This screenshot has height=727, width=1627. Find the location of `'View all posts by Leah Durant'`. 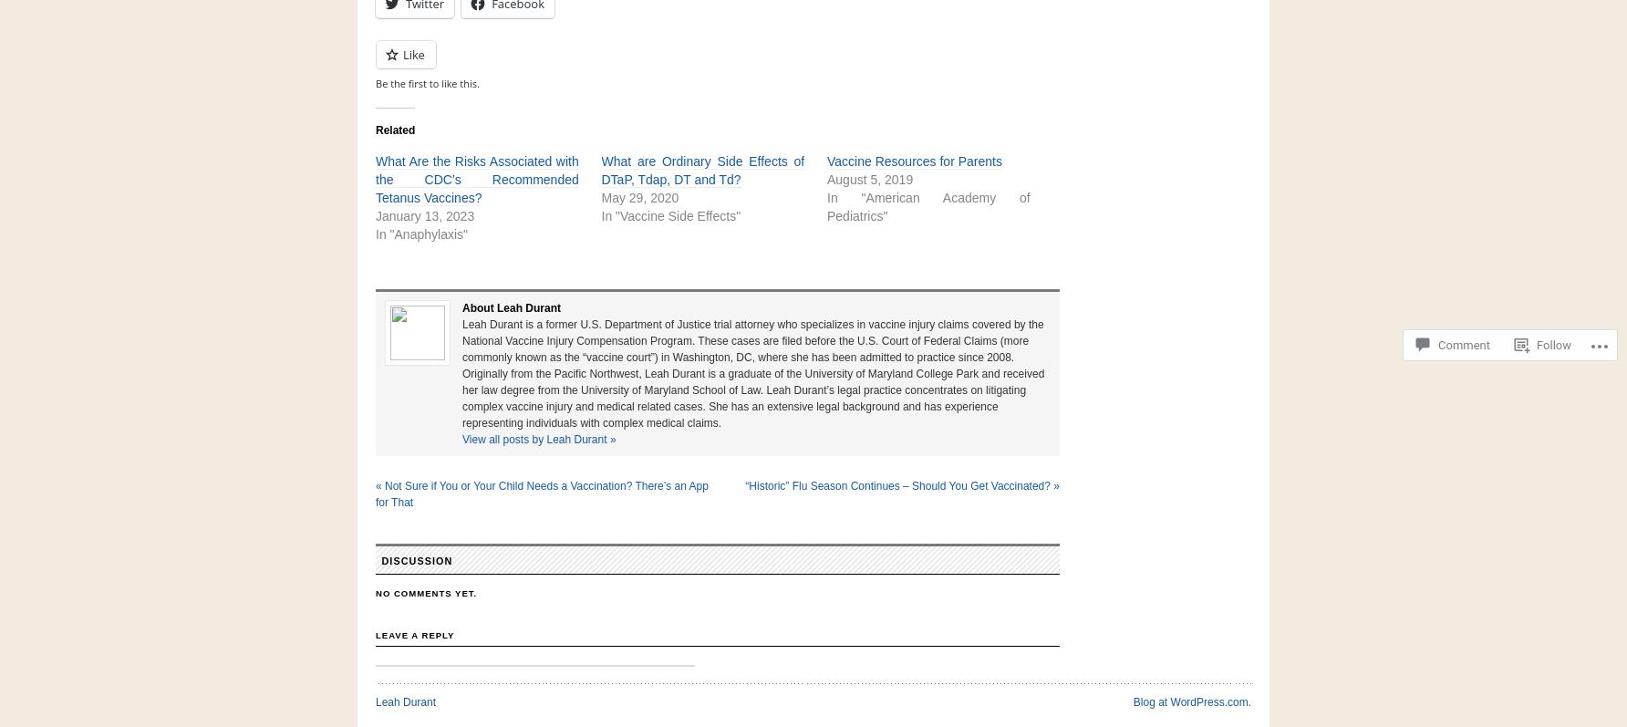

'View all posts by Leah Durant' is located at coordinates (534, 440).